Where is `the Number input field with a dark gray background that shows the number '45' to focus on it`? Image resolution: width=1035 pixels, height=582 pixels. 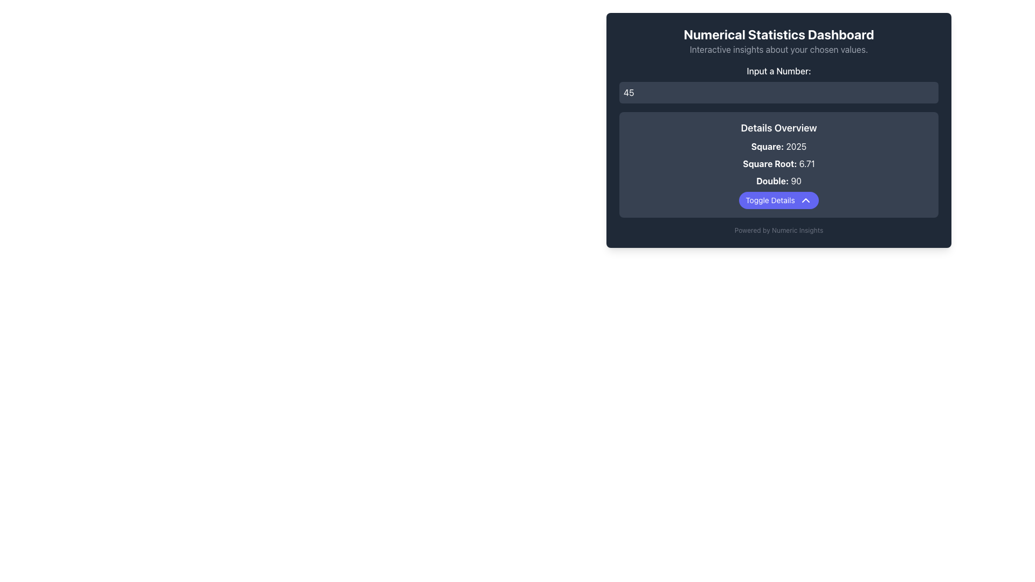
the Number input field with a dark gray background that shows the number '45' to focus on it is located at coordinates (778, 92).